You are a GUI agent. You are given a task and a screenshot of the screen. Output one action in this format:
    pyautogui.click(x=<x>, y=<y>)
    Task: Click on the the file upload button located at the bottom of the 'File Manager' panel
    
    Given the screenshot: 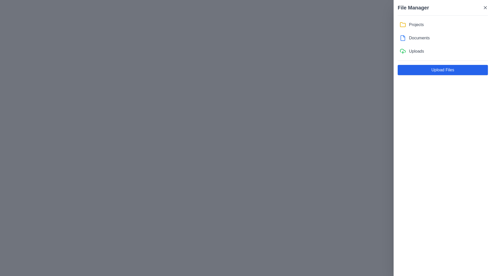 What is the action you would take?
    pyautogui.click(x=443, y=70)
    